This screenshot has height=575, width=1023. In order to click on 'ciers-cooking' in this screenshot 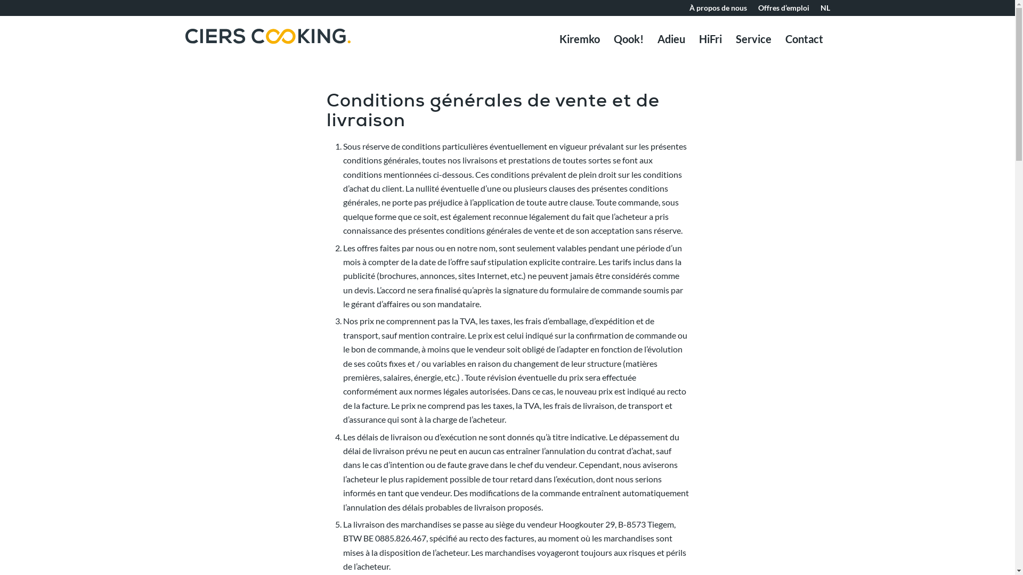, I will do `click(268, 51)`.